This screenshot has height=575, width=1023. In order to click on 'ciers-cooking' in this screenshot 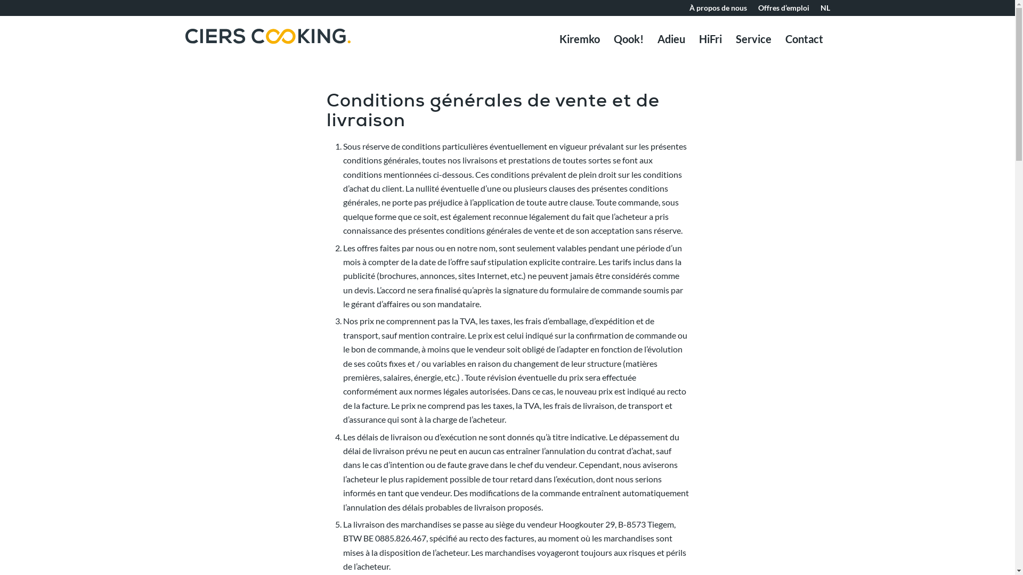, I will do `click(268, 51)`.